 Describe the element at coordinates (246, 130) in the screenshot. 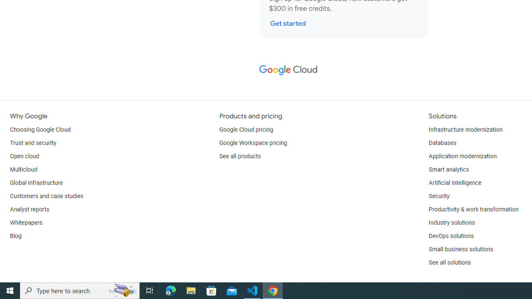

I see `'Google Cloud pricing'` at that location.